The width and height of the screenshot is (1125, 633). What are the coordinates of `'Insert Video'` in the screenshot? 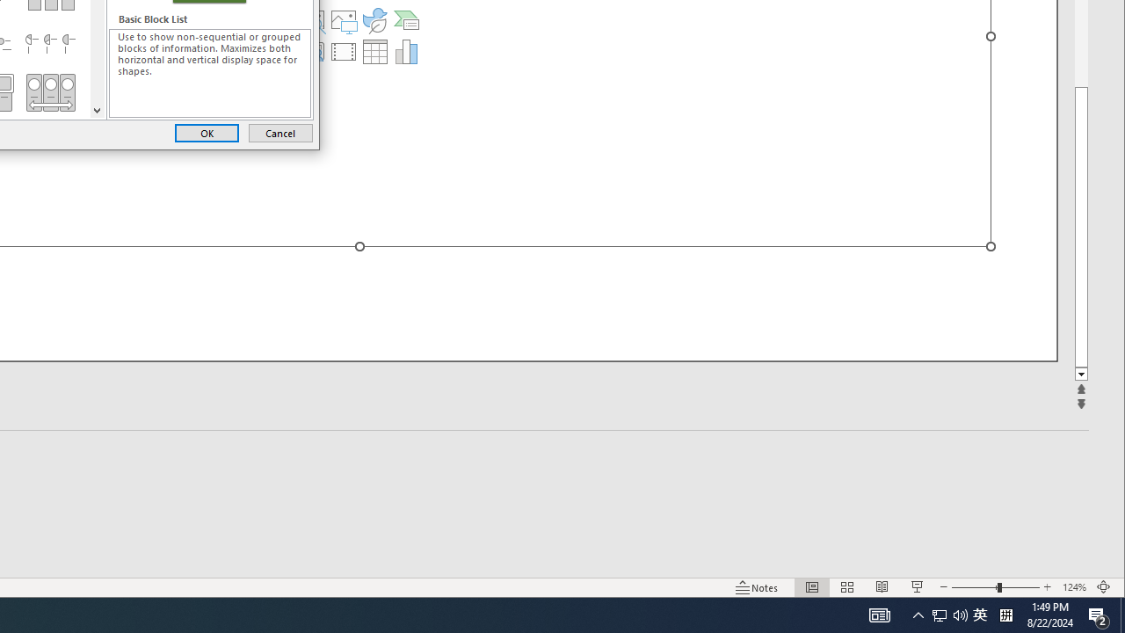 It's located at (344, 51).